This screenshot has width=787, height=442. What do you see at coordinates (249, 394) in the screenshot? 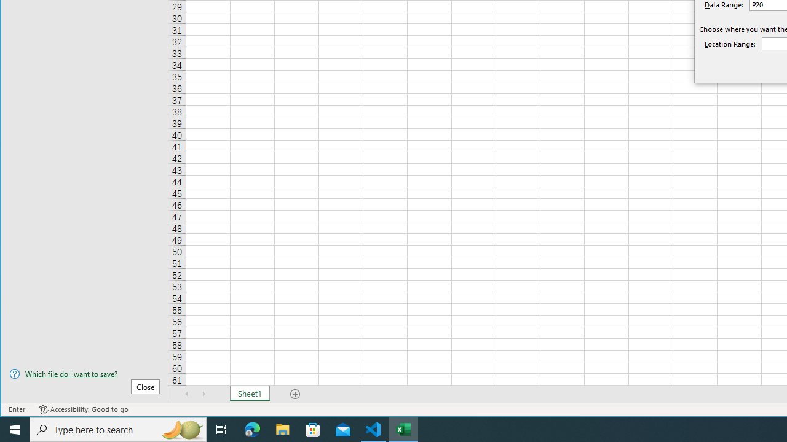
I see `'Sheet1'` at bounding box center [249, 394].